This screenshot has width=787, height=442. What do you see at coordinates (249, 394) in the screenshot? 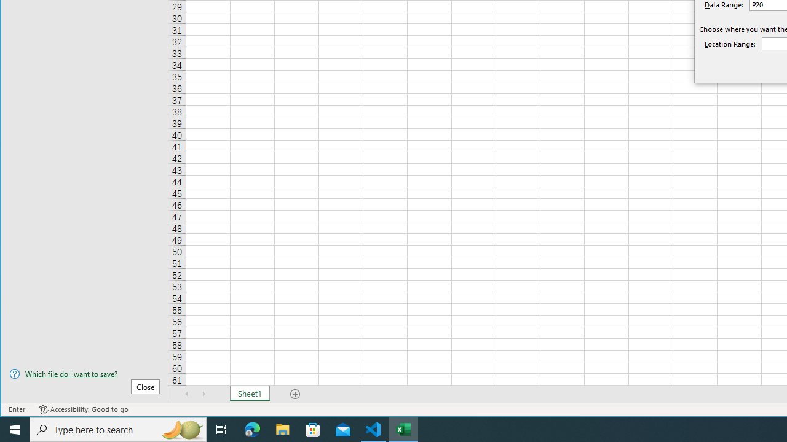
I see `'Sheet1'` at bounding box center [249, 394].